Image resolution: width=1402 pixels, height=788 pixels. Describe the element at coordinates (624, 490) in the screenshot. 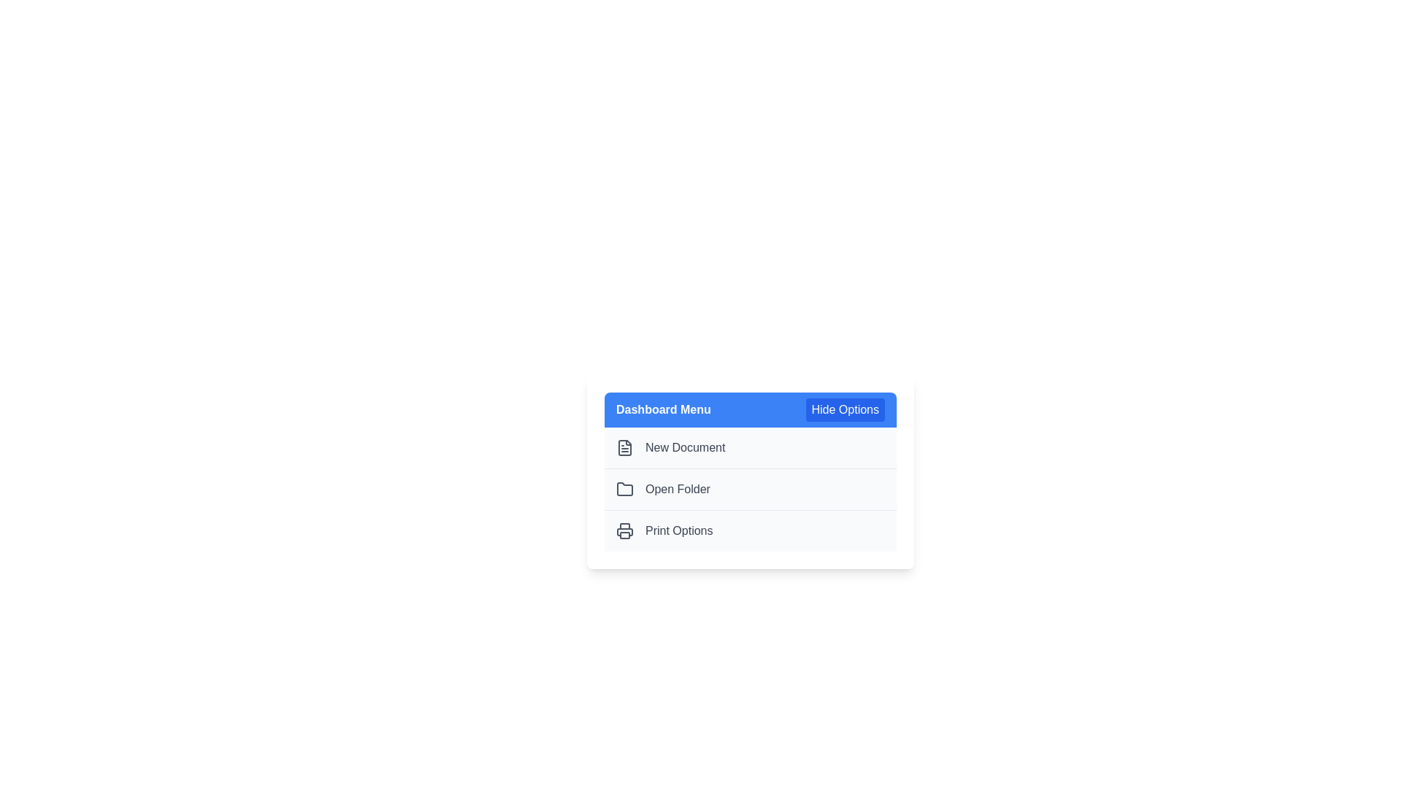

I see `the folder icon located in the 'Open Folder' row, which is positioned to the left of the text label 'Open Folder'` at that location.